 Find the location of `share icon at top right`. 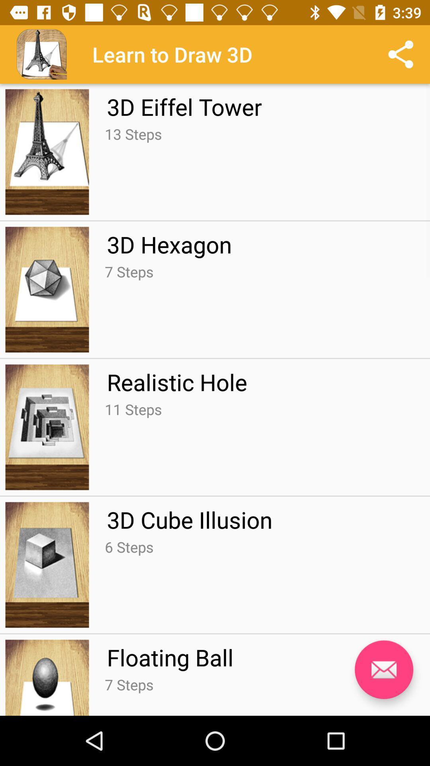

share icon at top right is located at coordinates (401, 54).